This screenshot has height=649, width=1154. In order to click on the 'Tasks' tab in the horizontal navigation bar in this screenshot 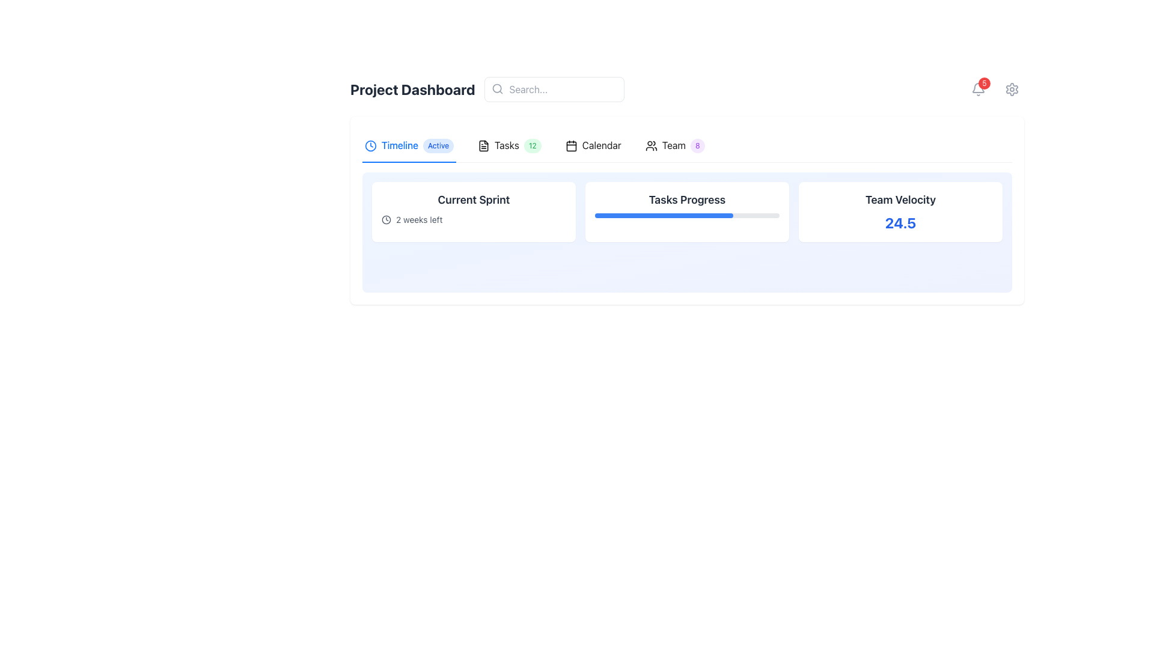, I will do `click(509, 145)`.